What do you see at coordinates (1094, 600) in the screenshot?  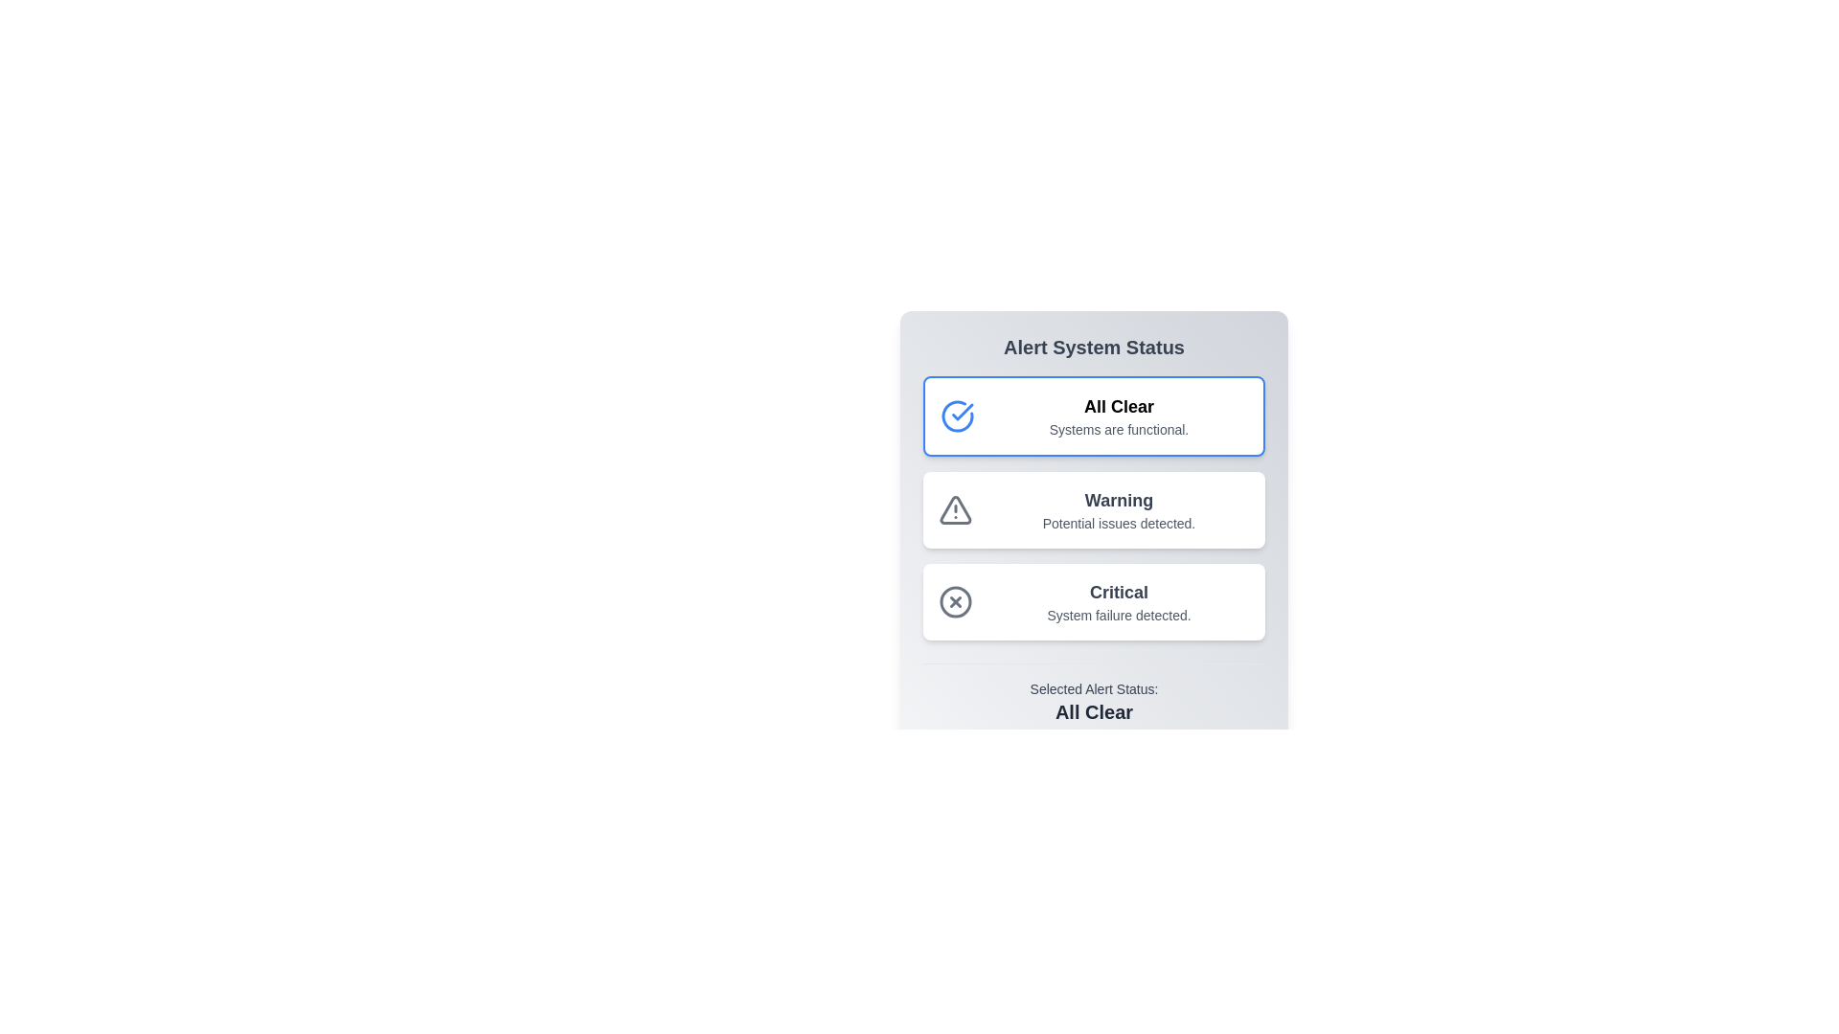 I see `the 'Critical' alert box element, which features a white background, rounded corners, and contains a gray circle icon with an 'X' symbol, to interact with it` at bounding box center [1094, 600].